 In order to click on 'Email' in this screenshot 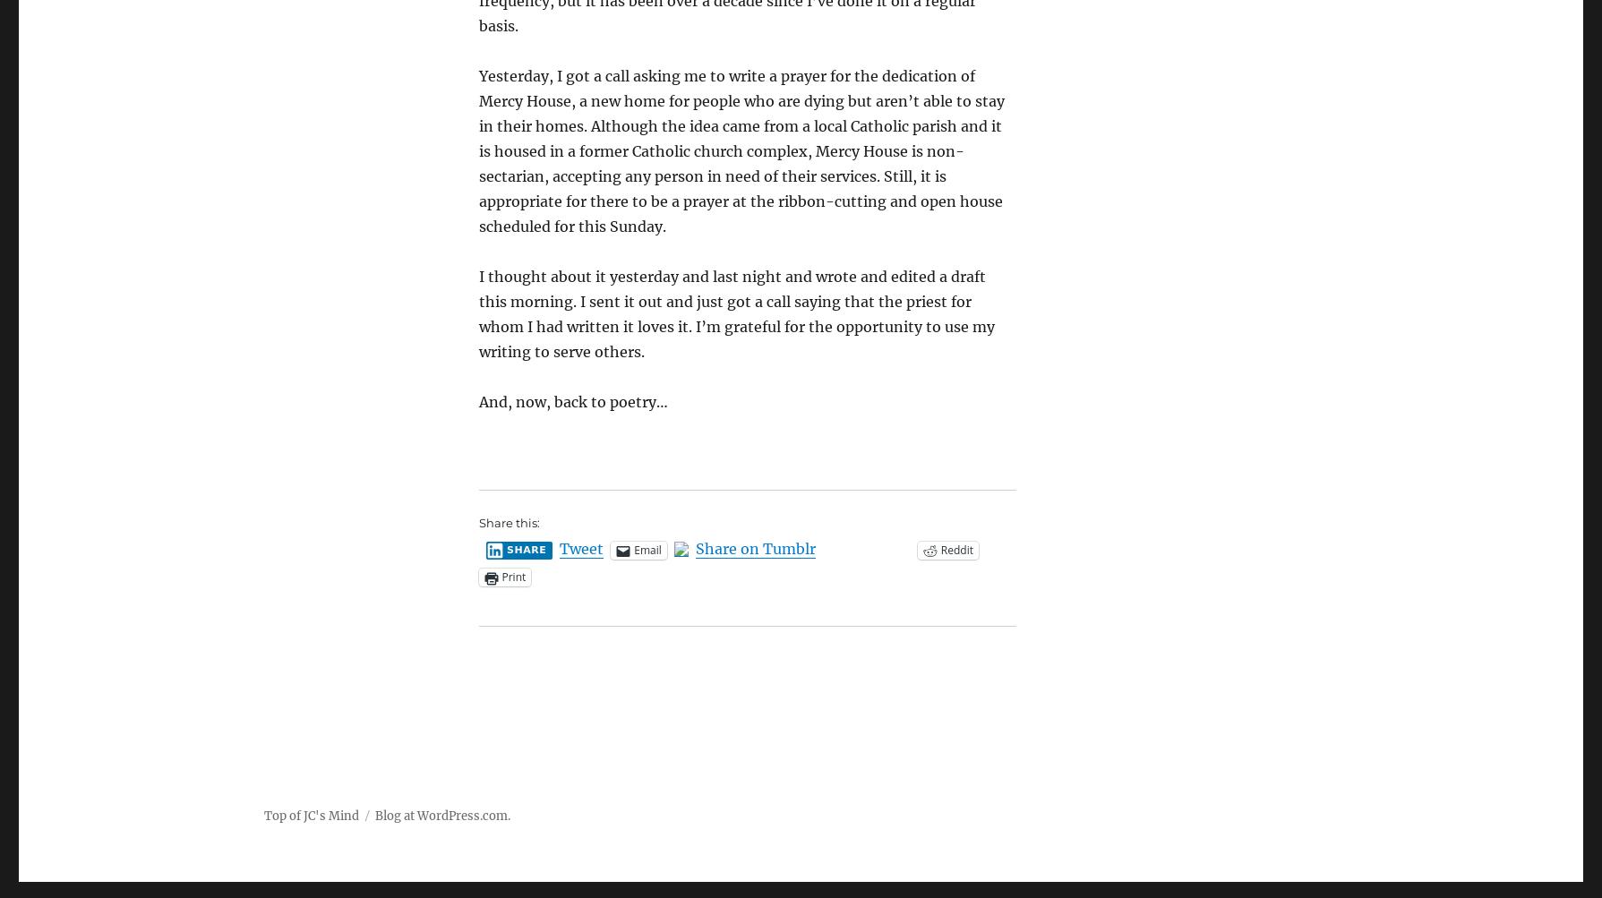, I will do `click(647, 550)`.